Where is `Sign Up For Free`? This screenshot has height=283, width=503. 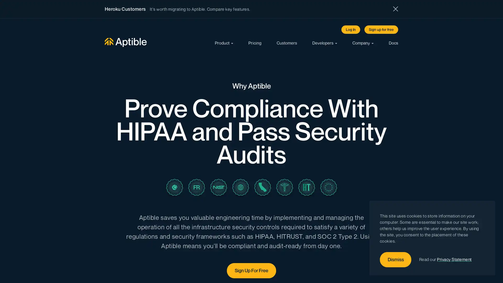
Sign Up For Free is located at coordinates (251, 270).